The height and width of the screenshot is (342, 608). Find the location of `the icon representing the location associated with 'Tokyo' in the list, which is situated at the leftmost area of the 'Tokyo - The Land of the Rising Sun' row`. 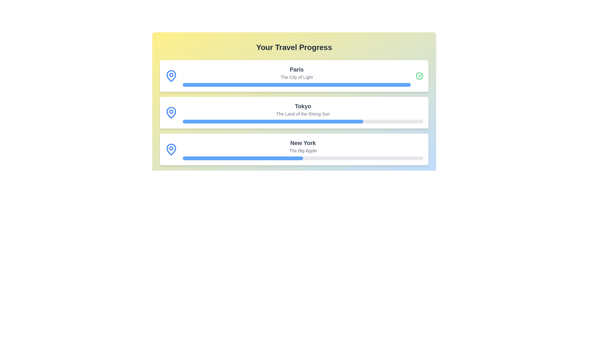

the icon representing the location associated with 'Tokyo' in the list, which is situated at the leftmost area of the 'Tokyo - The Land of the Rising Sun' row is located at coordinates (171, 112).